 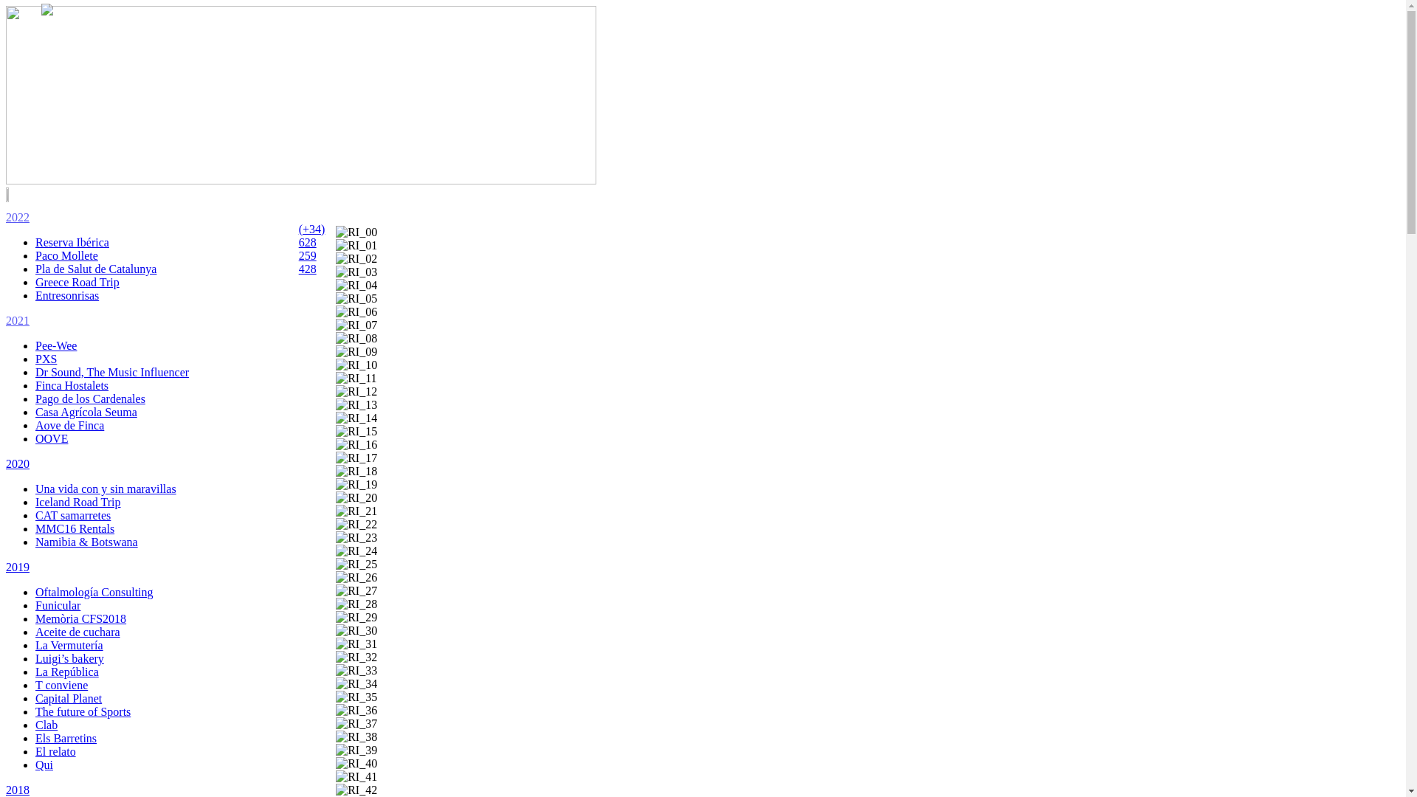 I want to click on 'Funicular', so click(x=58, y=605).